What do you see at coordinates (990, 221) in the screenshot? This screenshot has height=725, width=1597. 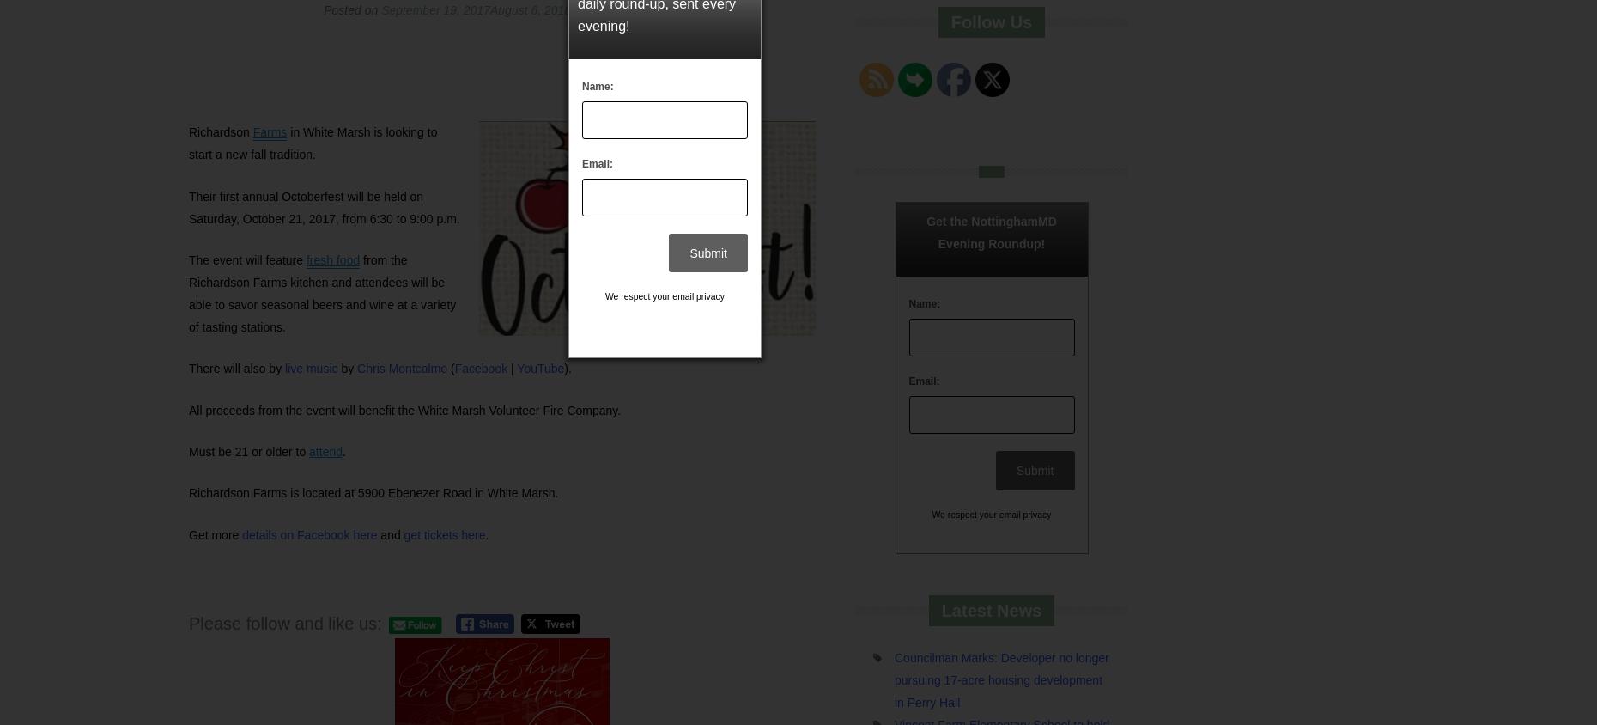 I see `'Get the NottinghamMD'` at bounding box center [990, 221].